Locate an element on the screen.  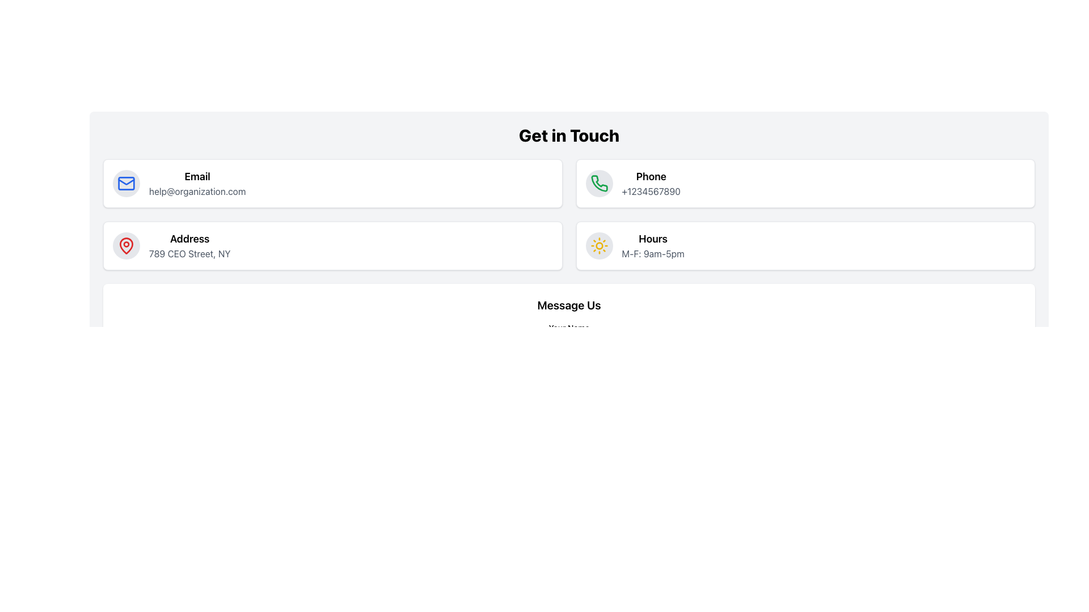
the address icon located to the left of the text 'Address 789 CEO Street, NY' within the card layout is located at coordinates (126, 245).